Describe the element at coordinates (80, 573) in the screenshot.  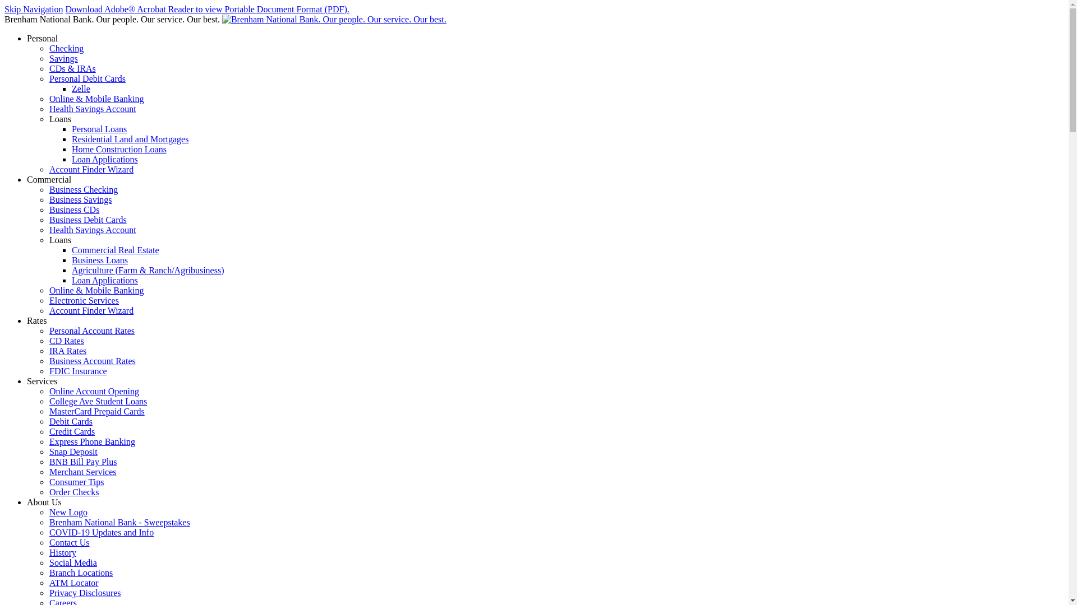
I see `'Branch Locations'` at that location.